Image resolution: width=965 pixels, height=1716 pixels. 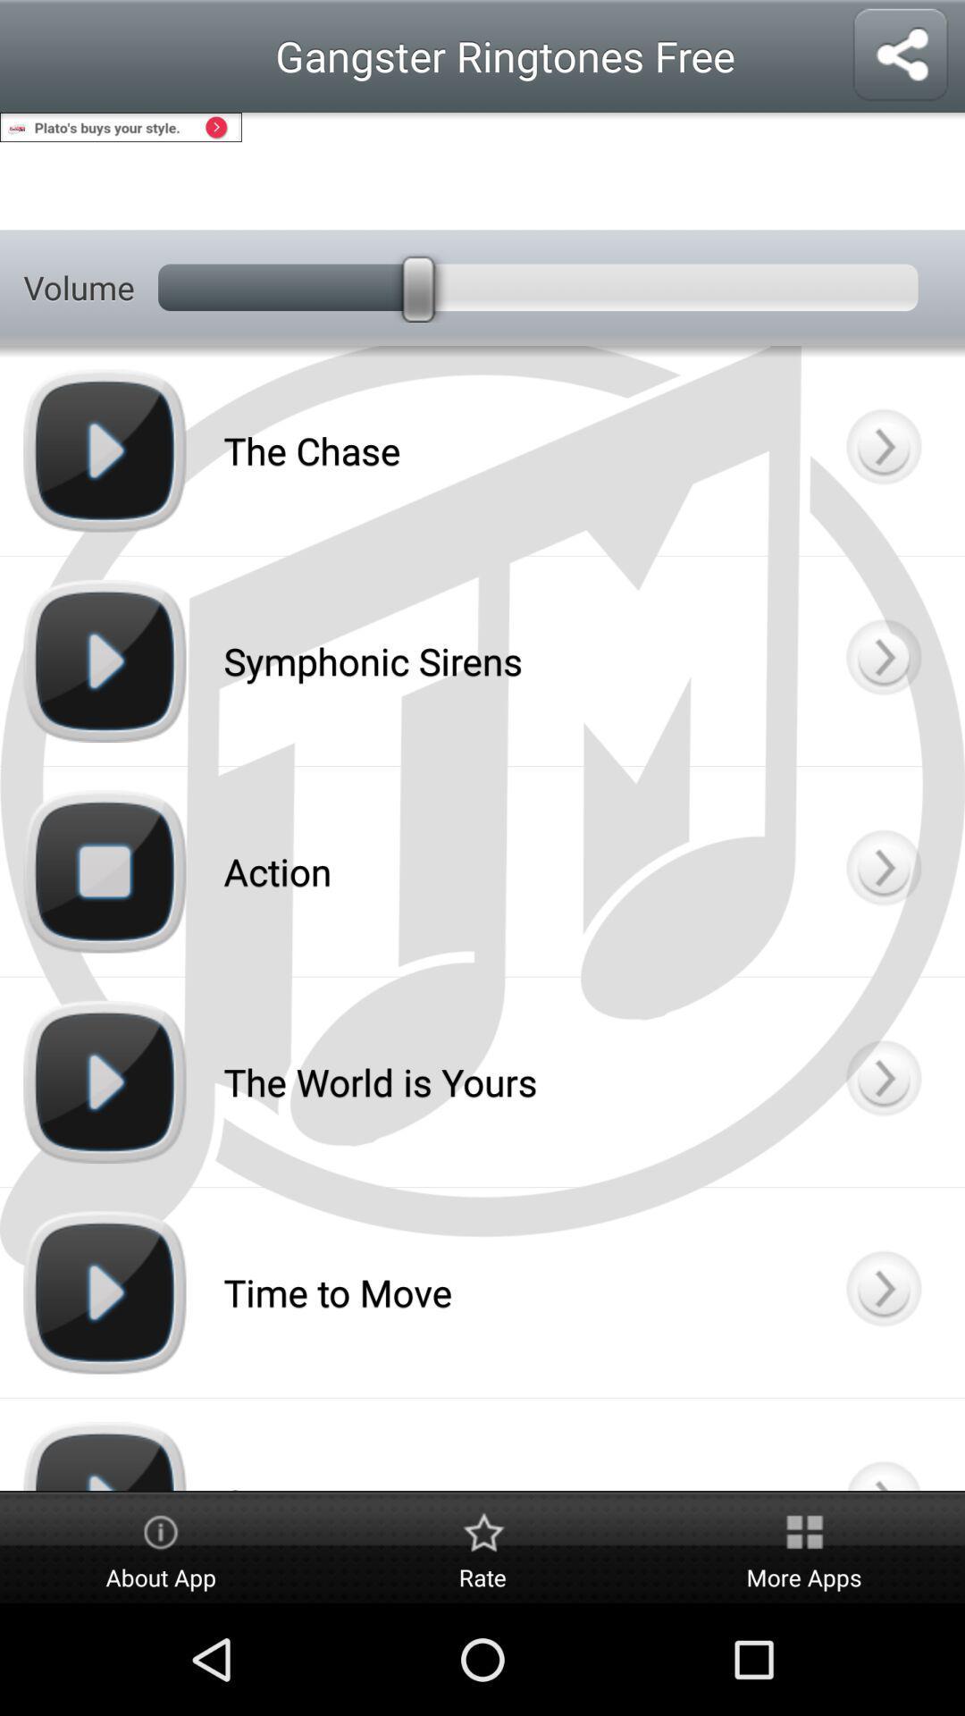 I want to click on the sixth arrow symbol from top, so click(x=881, y=1444).